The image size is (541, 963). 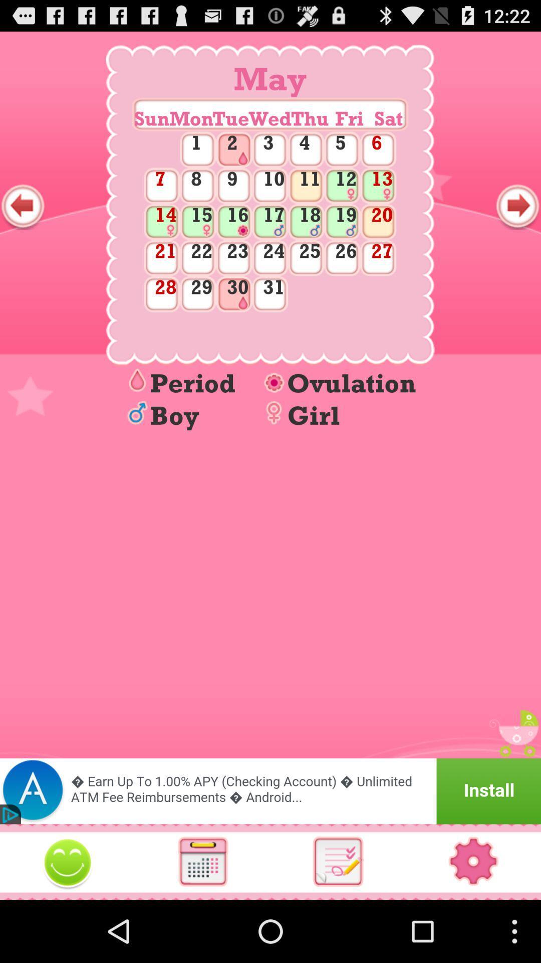 What do you see at coordinates (23, 220) in the screenshot?
I see `the arrow_backward icon` at bounding box center [23, 220].